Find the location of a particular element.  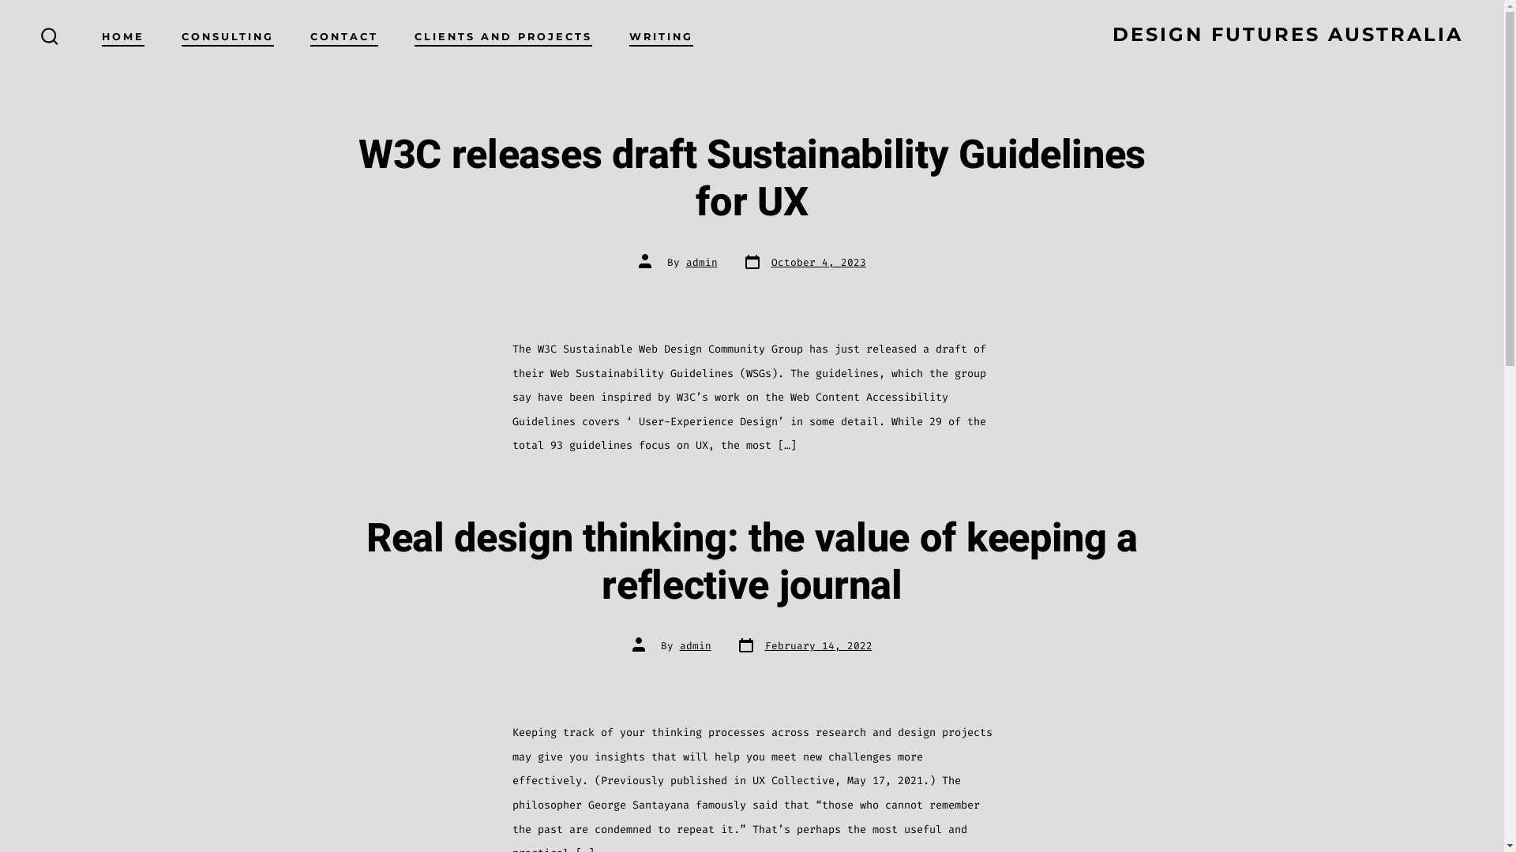

'admin' is located at coordinates (694, 645).